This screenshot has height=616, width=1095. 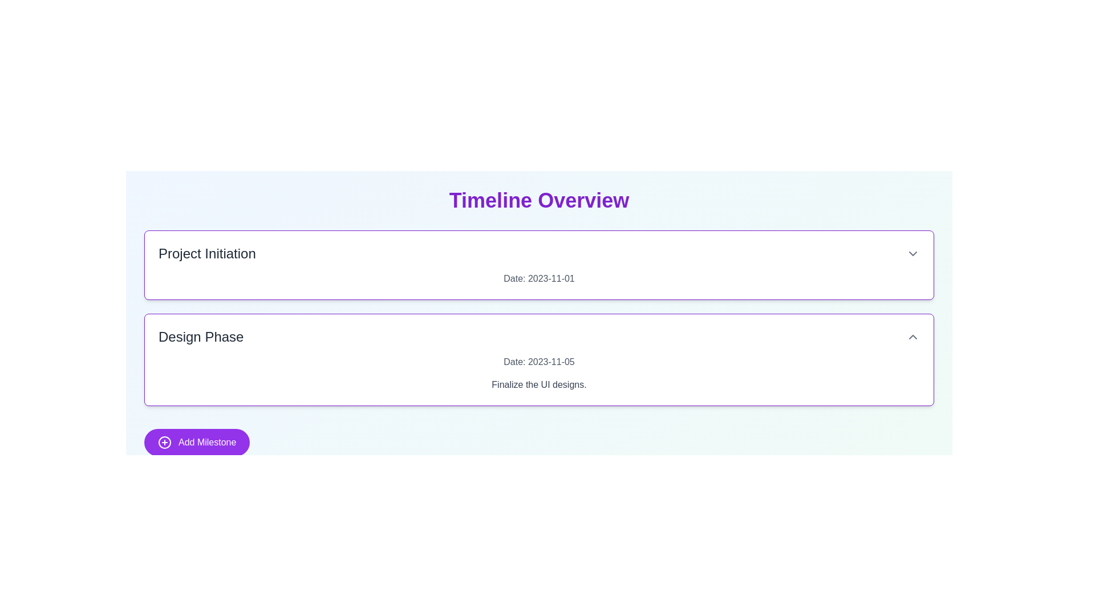 I want to click on static text field displaying 'Date: 2023-11-05' located in the 'Design Phase' section, which is horizontally centered below the primary header, so click(x=538, y=362).